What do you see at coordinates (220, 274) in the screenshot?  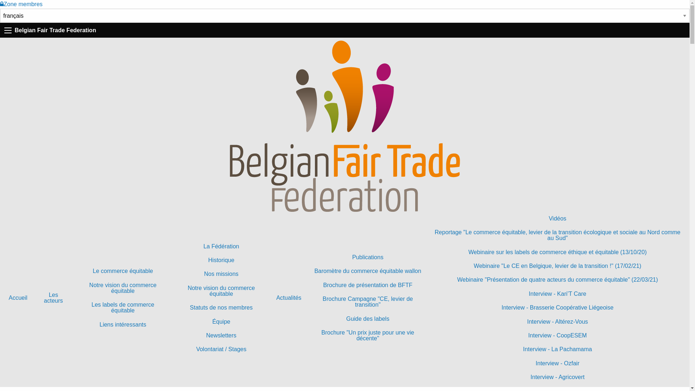 I see `'Nos missions'` at bounding box center [220, 274].